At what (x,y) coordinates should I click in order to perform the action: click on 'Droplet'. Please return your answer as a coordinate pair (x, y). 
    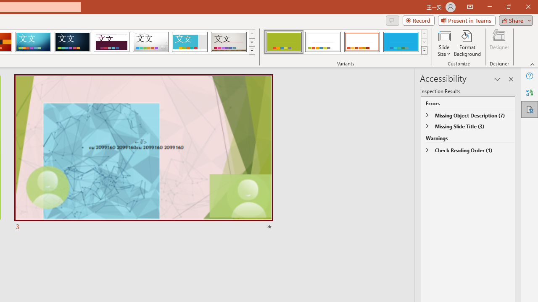
    Looking at the image, I should click on (150, 42).